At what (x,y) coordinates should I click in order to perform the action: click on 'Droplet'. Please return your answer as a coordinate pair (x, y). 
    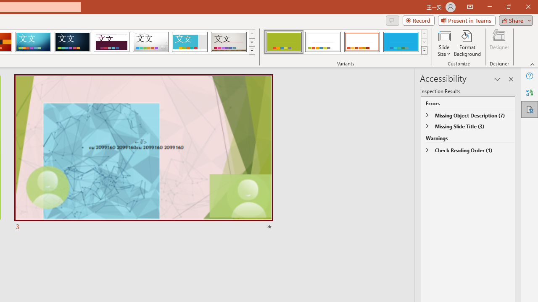
    Looking at the image, I should click on (150, 42).